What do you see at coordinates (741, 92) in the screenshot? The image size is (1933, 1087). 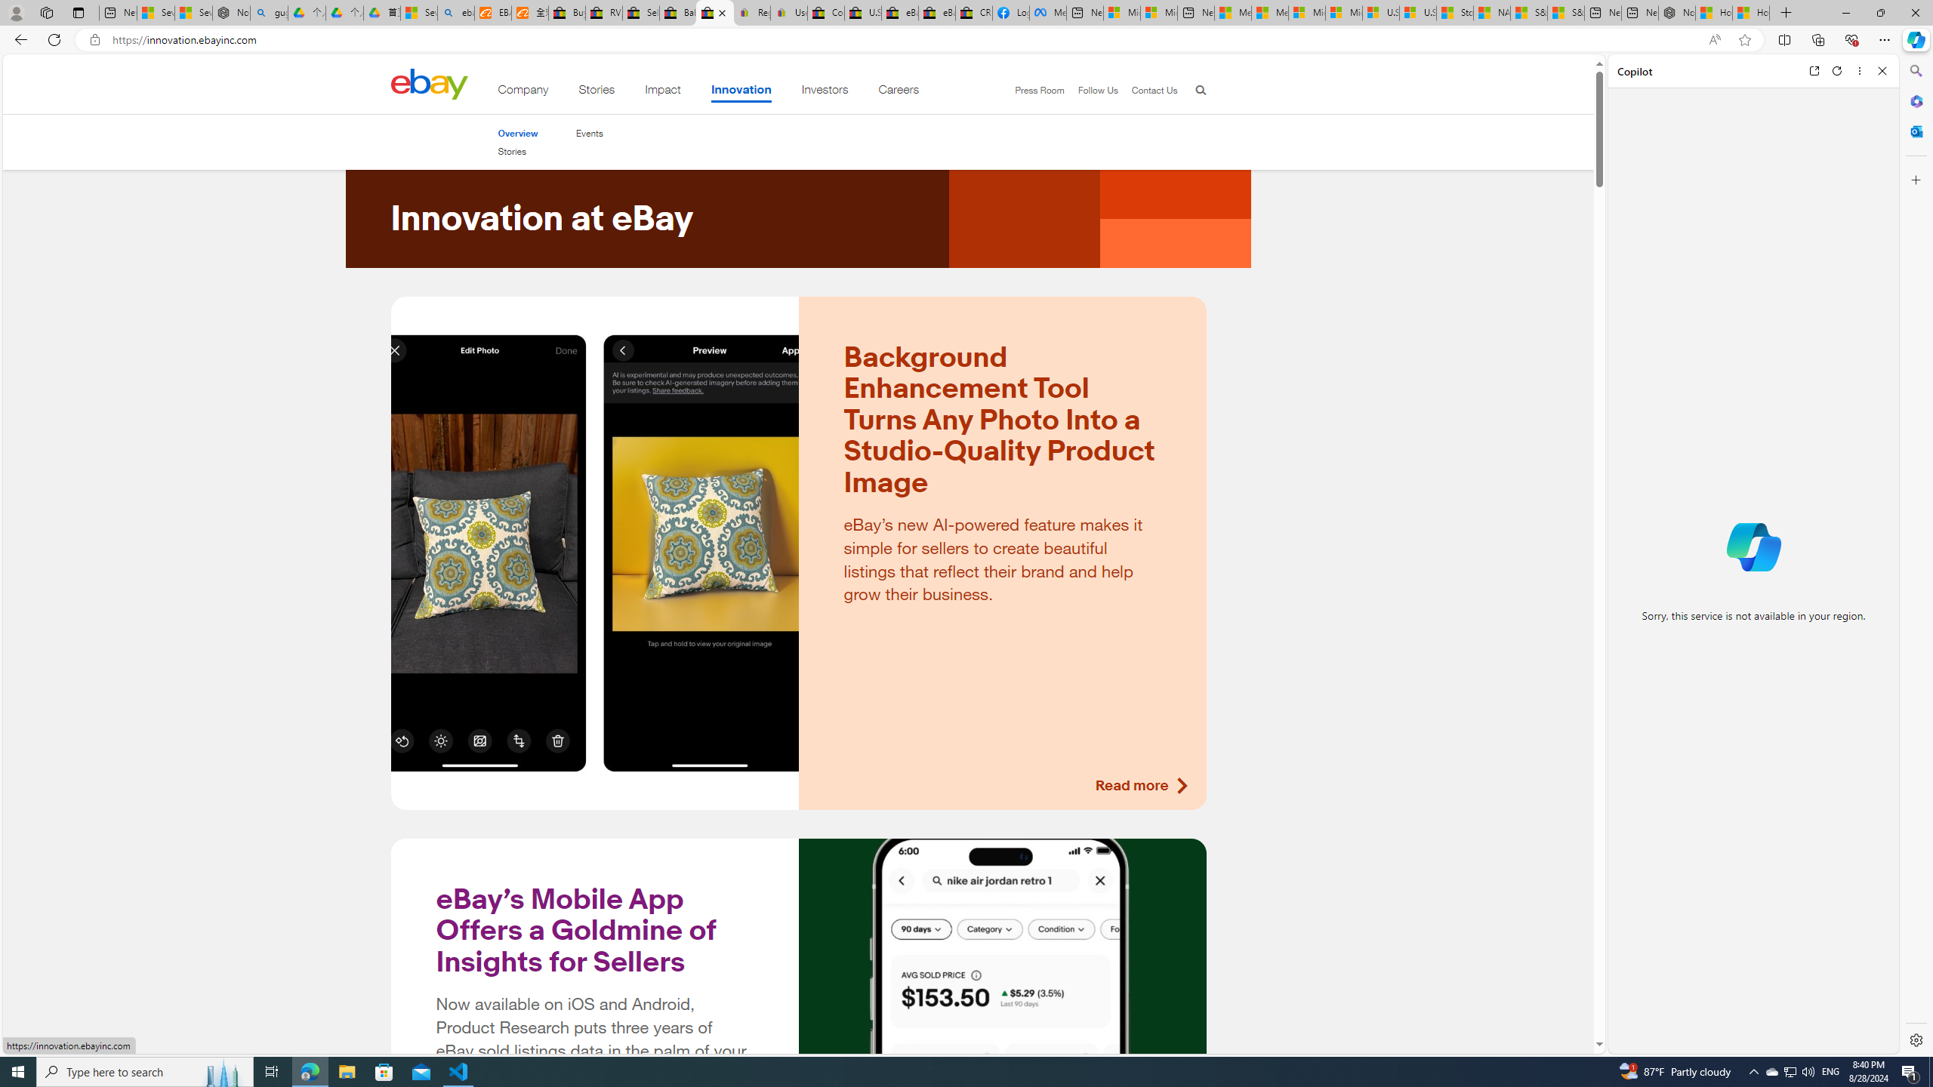 I see `'Innovation'` at bounding box center [741, 92].